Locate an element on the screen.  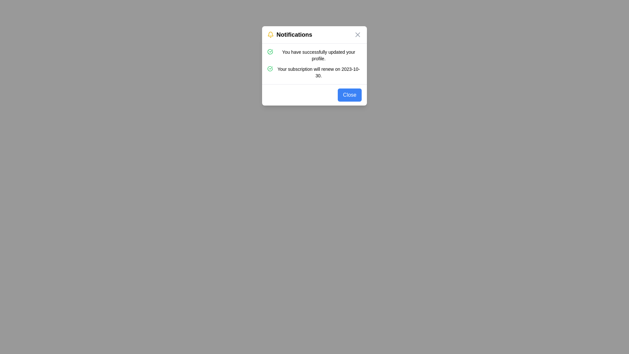
the confirmation notification indicating a successful profile update, located near the top of the modal window is located at coordinates (314, 55).